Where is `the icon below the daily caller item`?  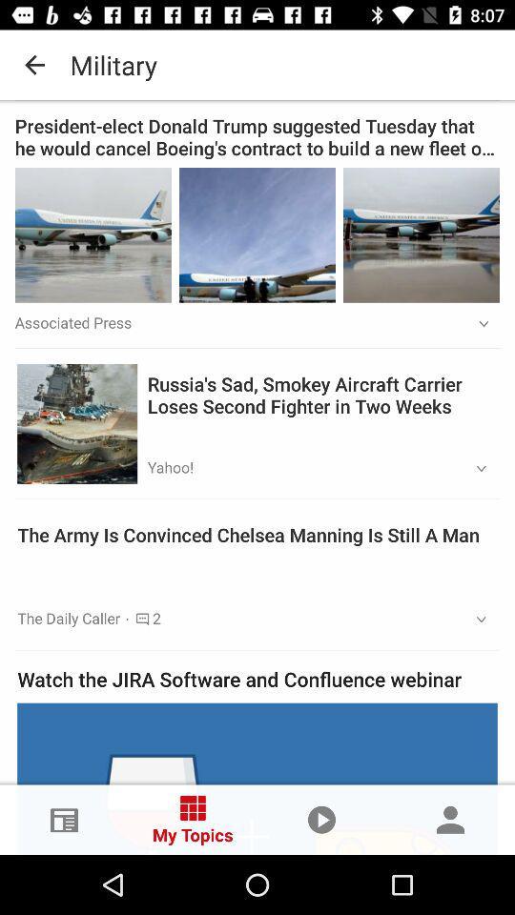
the icon below the daily caller item is located at coordinates (257, 679).